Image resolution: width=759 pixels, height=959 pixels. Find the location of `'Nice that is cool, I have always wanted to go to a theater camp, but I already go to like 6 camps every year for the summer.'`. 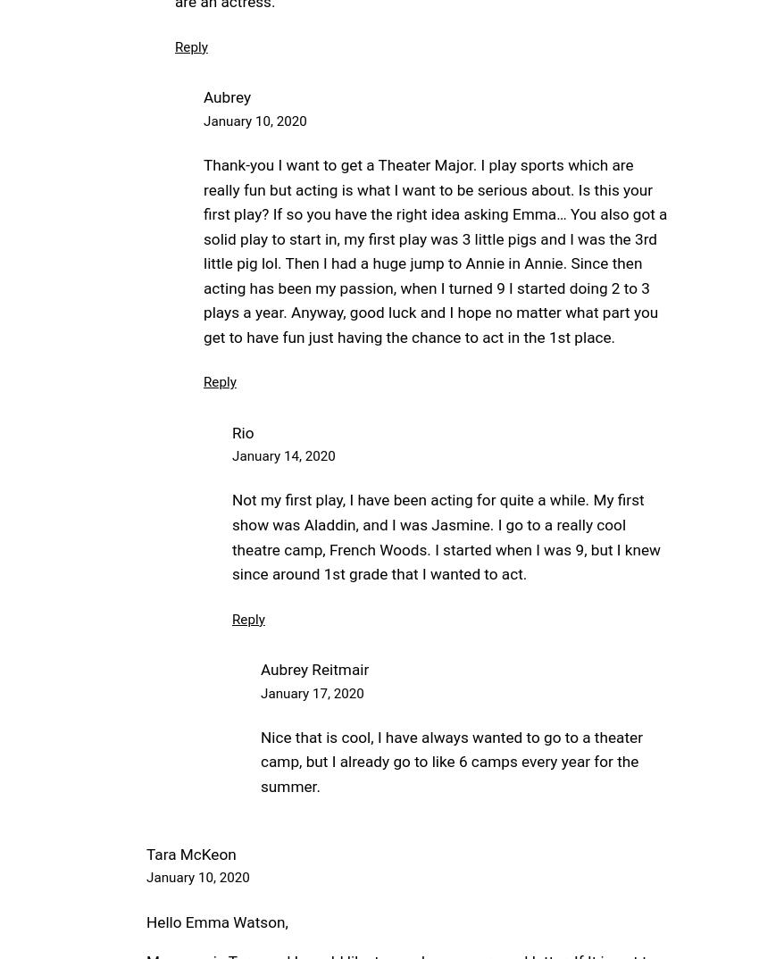

'Nice that is cool, I have always wanted to go to a theater camp, but I already go to like 6 camps every year for the summer.' is located at coordinates (451, 761).